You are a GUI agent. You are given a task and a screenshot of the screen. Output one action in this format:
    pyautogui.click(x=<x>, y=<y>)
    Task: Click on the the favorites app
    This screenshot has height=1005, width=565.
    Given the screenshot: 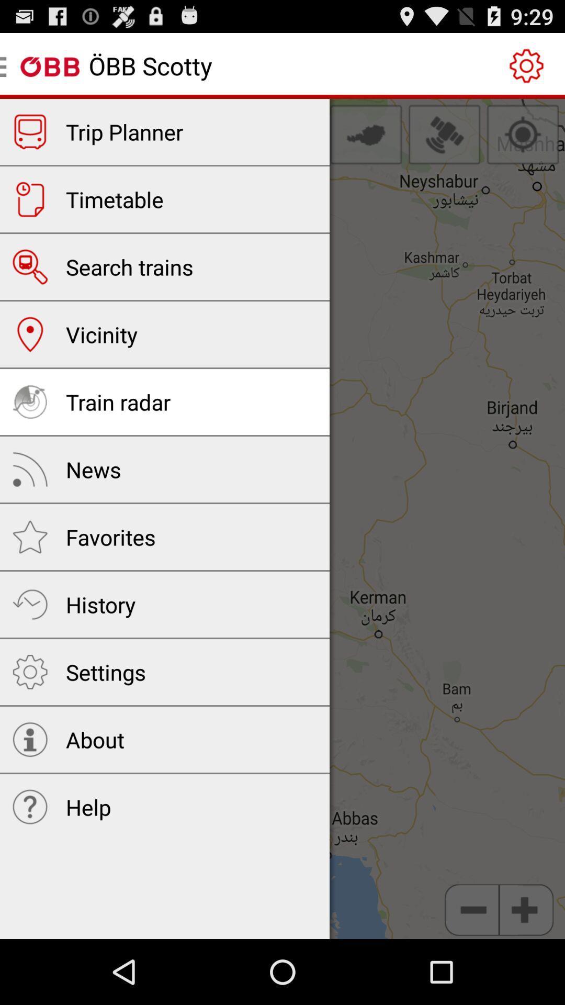 What is the action you would take?
    pyautogui.click(x=110, y=537)
    